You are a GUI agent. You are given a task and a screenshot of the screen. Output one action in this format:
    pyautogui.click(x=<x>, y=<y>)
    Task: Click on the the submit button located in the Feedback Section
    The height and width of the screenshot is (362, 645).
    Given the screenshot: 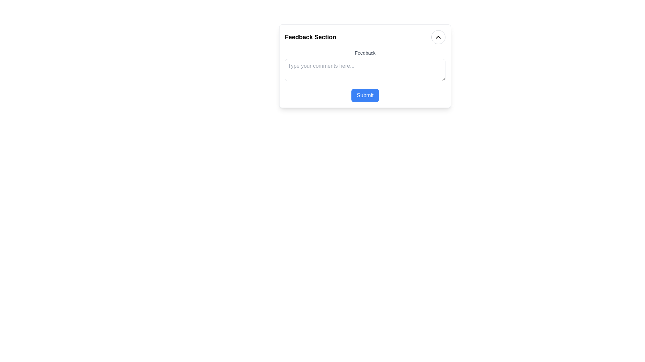 What is the action you would take?
    pyautogui.click(x=364, y=96)
    